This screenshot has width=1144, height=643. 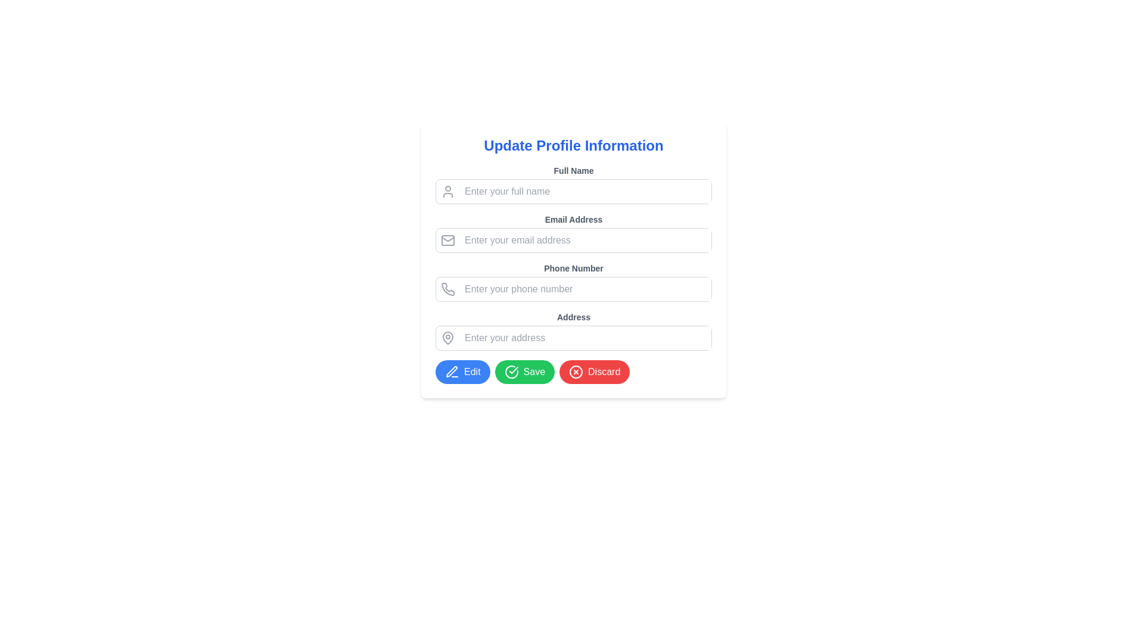 What do you see at coordinates (514, 369) in the screenshot?
I see `the 'Save' button by clicking on the check mark icon, which visually represents the action of saving changes` at bounding box center [514, 369].